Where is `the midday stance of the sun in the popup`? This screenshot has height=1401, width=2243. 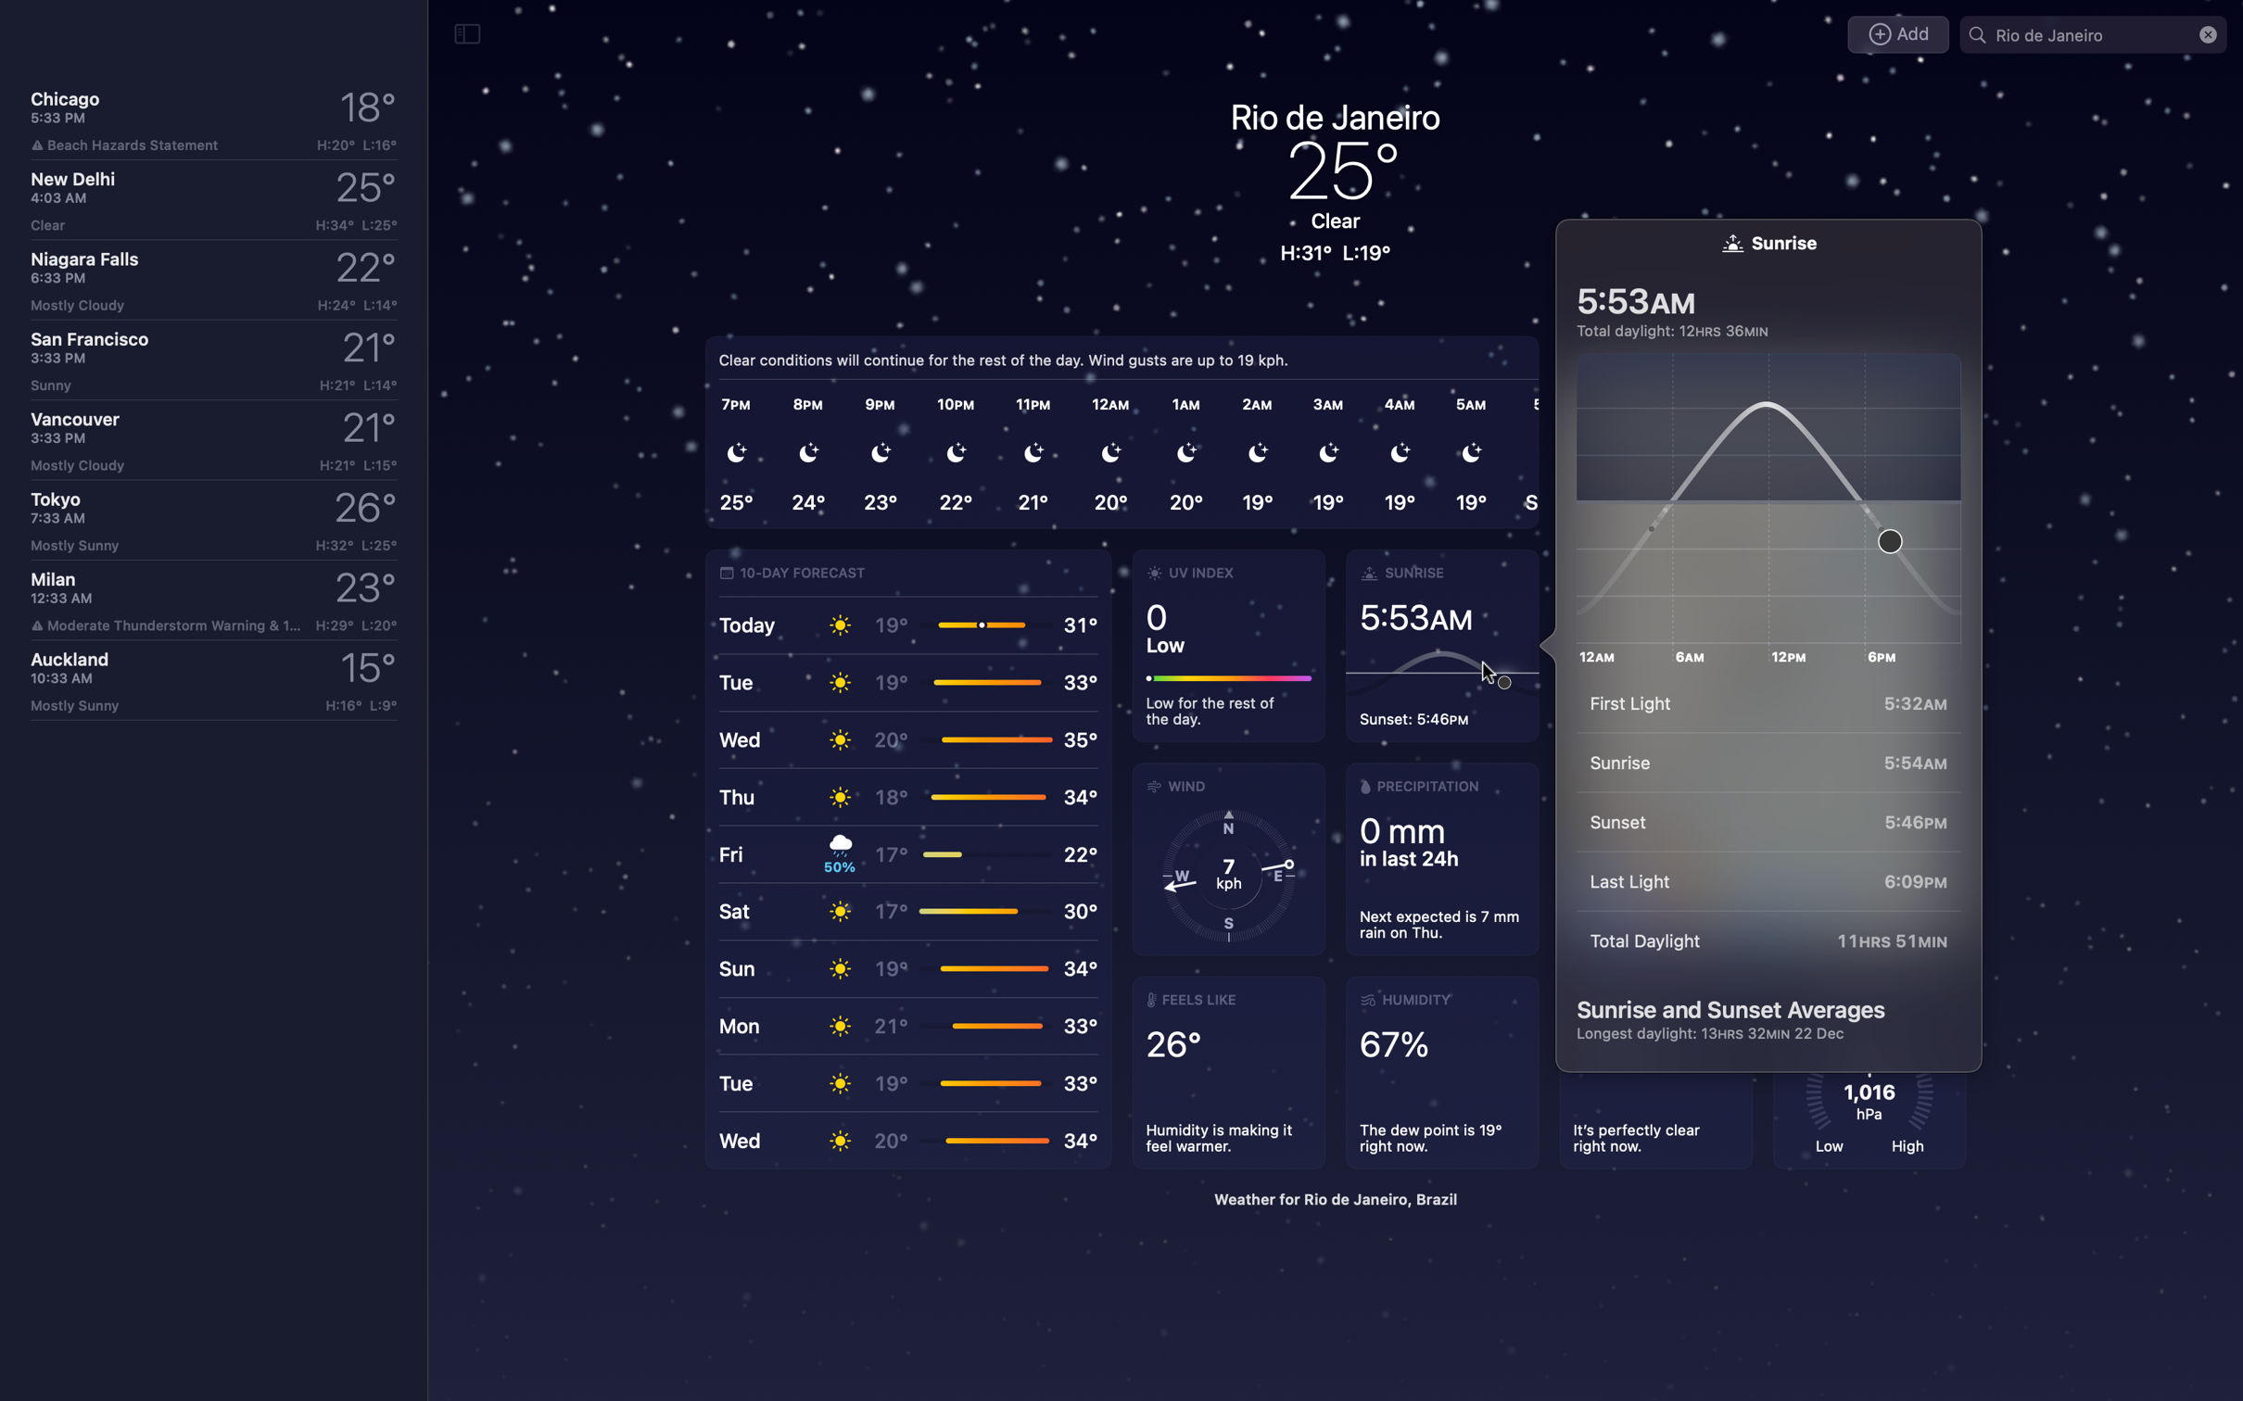
the midday stance of the sun in the popup is located at coordinates (1776, 499).